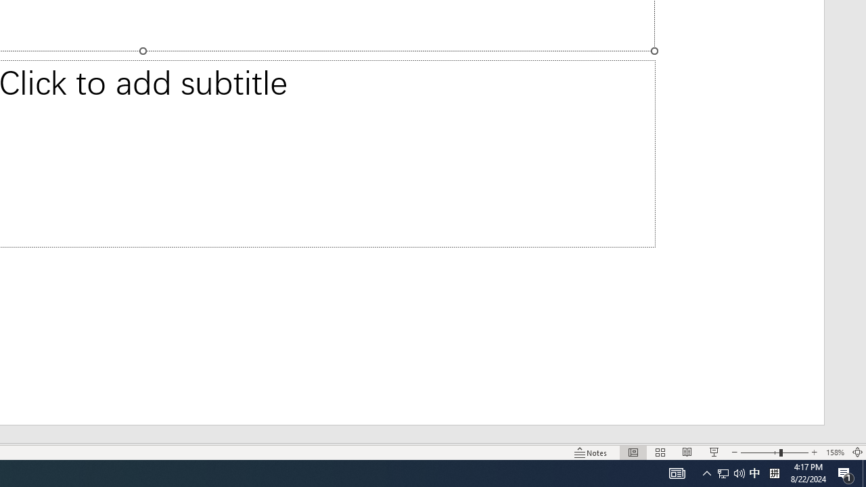 Image resolution: width=866 pixels, height=487 pixels. Describe the element at coordinates (760, 453) in the screenshot. I see `'Zoom Out'` at that location.